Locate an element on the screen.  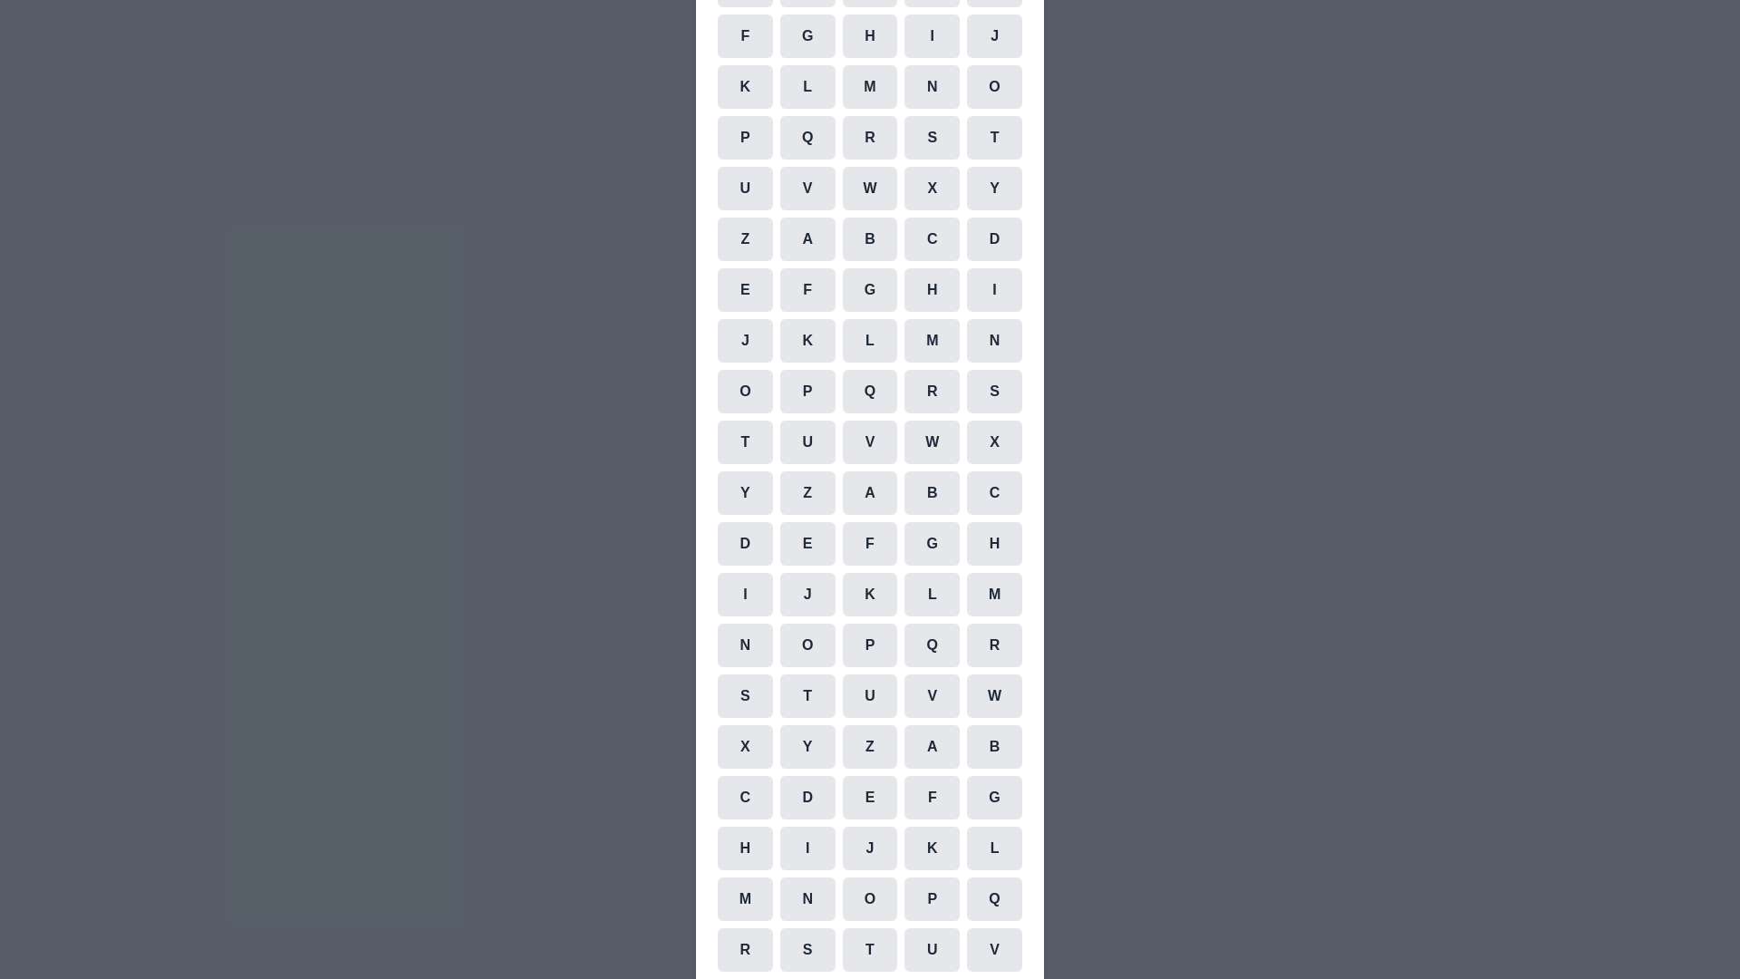
the cell representing the character Y is located at coordinates (994, 189).